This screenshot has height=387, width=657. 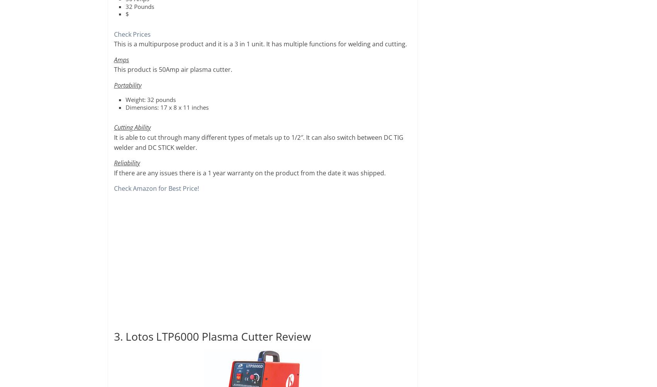 What do you see at coordinates (132, 127) in the screenshot?
I see `'Cutting Ability'` at bounding box center [132, 127].